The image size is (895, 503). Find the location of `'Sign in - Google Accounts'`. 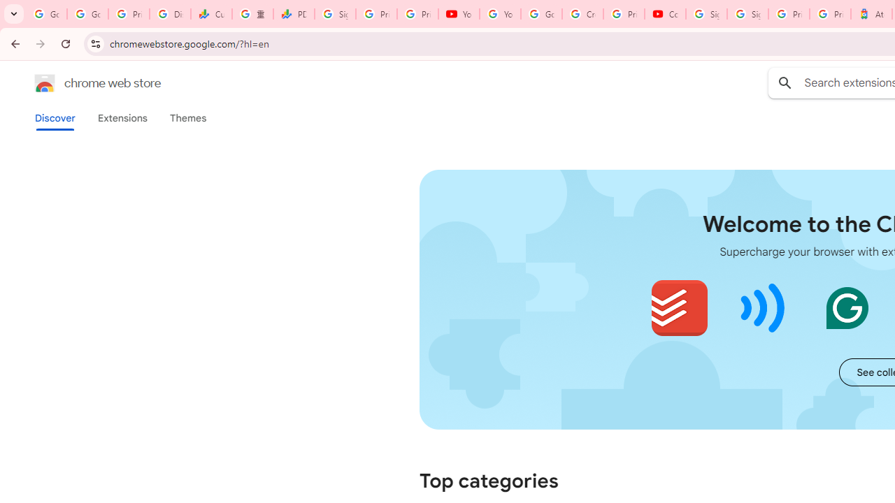

'Sign in - Google Accounts' is located at coordinates (706, 14).